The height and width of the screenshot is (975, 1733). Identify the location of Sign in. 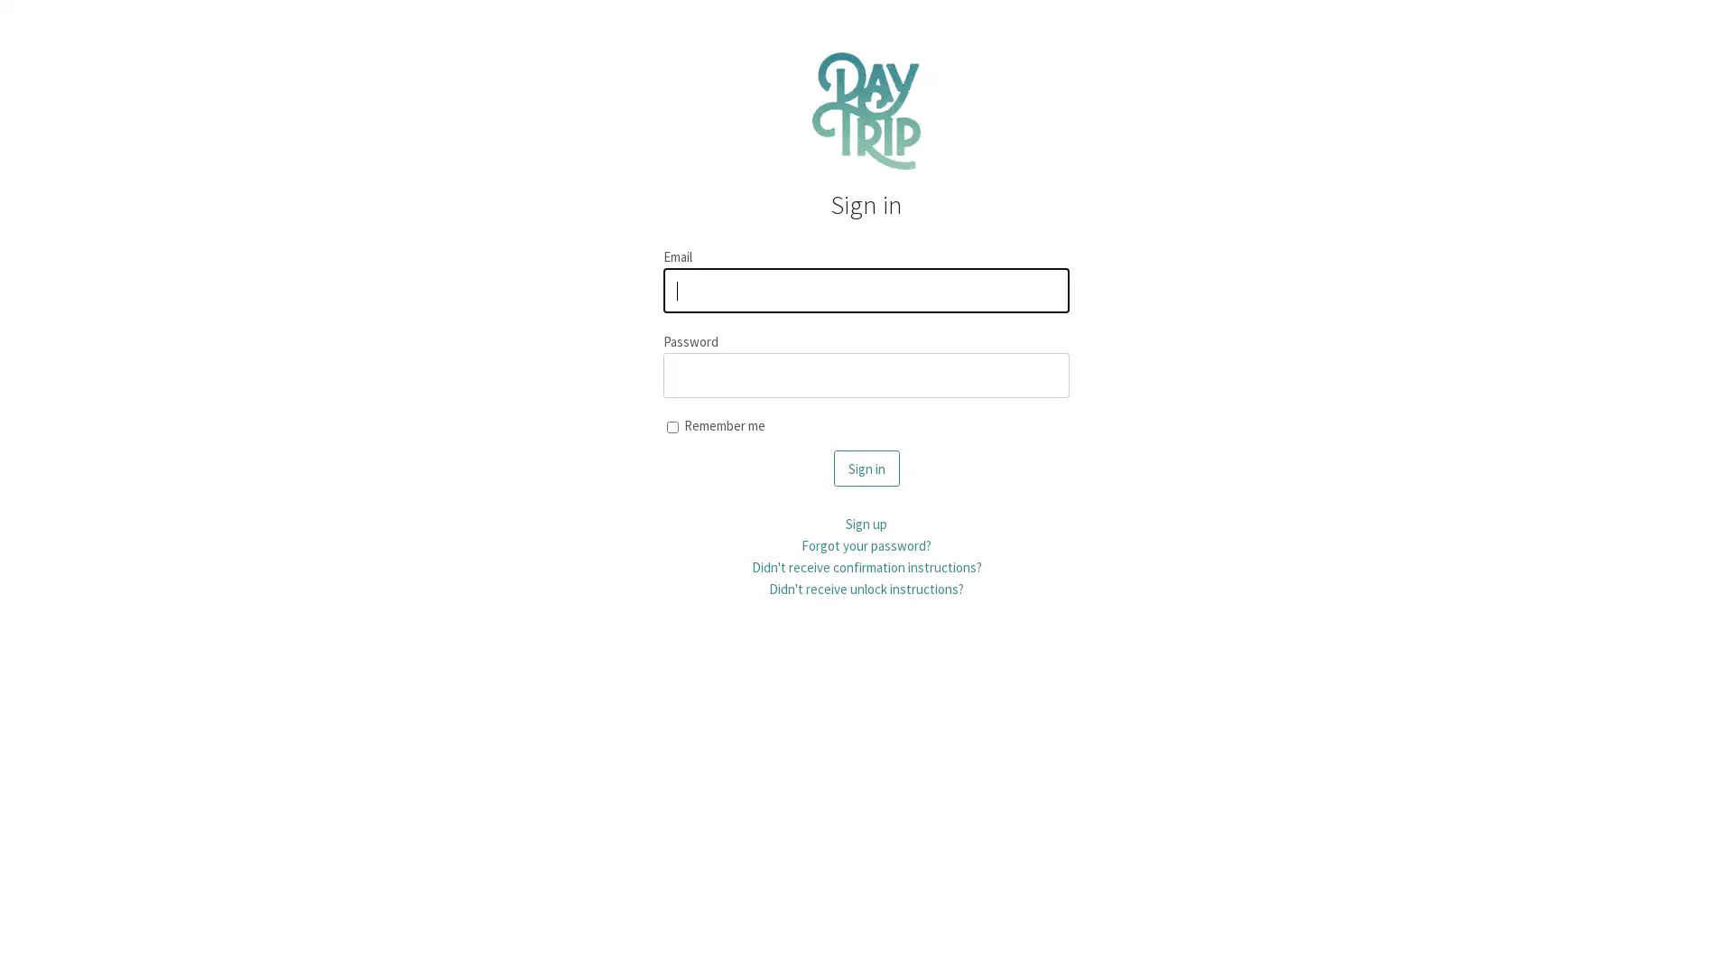
(865, 467).